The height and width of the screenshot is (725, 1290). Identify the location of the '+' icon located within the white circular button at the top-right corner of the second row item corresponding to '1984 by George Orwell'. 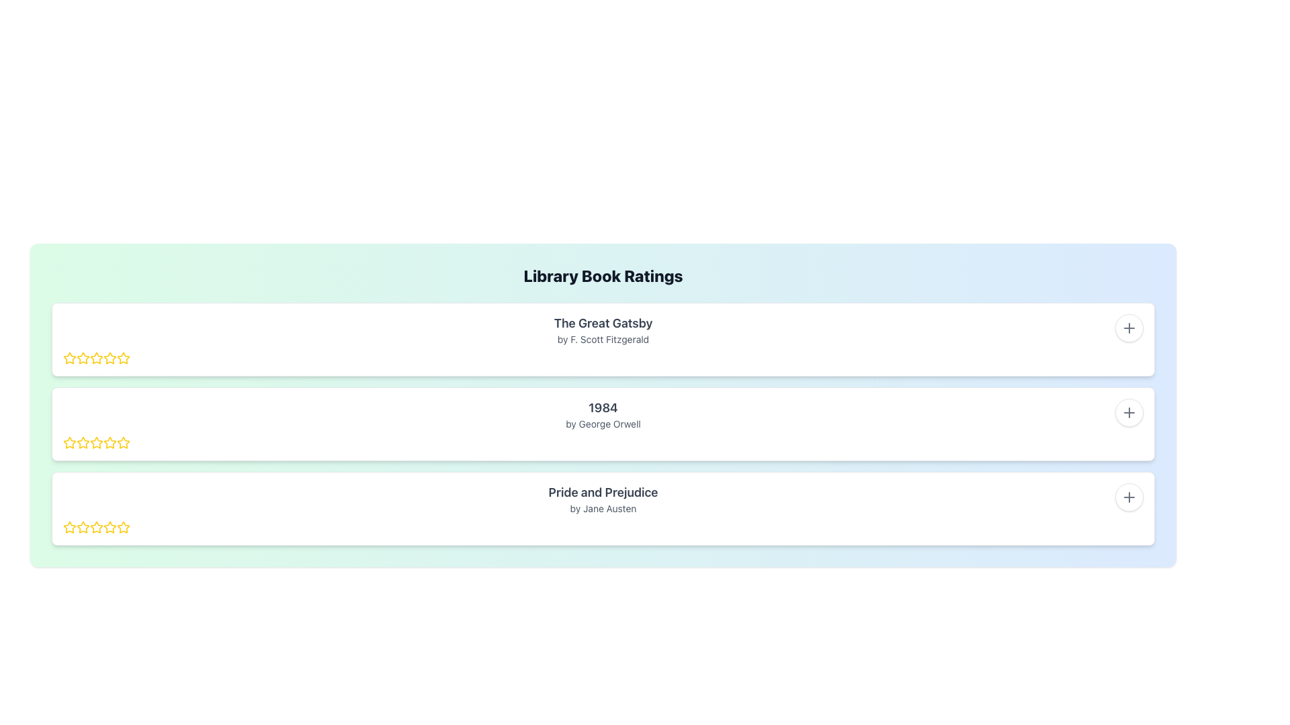
(1129, 412).